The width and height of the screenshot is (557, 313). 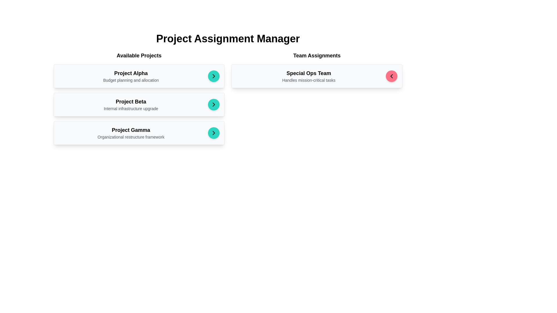 I want to click on the text label that reads 'Available Projects', which is styled with a bold font and serves as a section header for the project list, so click(x=139, y=56).